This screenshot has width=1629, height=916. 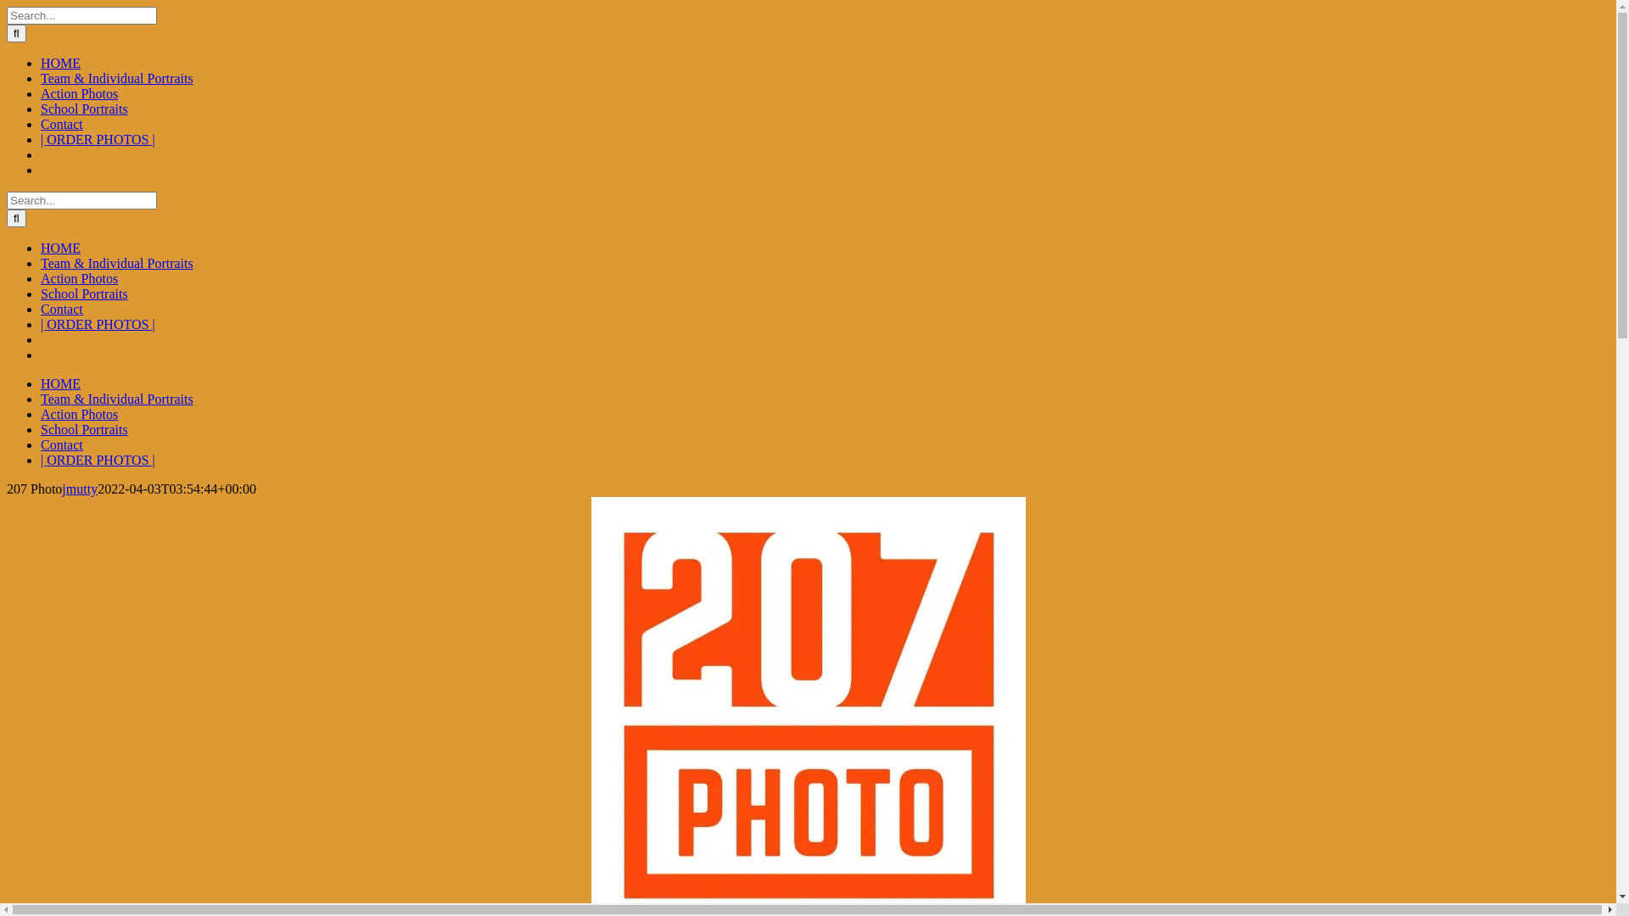 What do you see at coordinates (78, 277) in the screenshot?
I see `'Action Photos'` at bounding box center [78, 277].